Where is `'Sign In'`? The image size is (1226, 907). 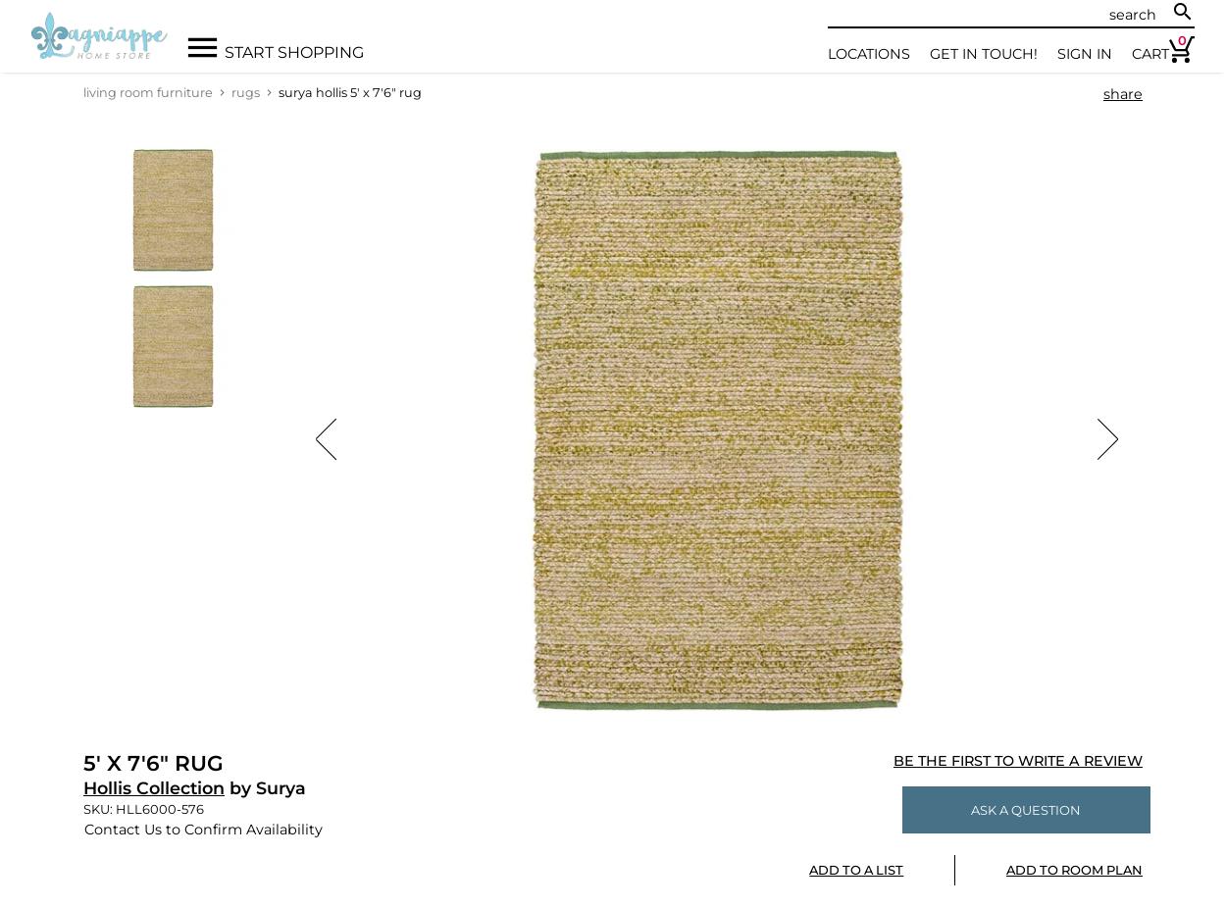 'Sign In' is located at coordinates (1056, 53).